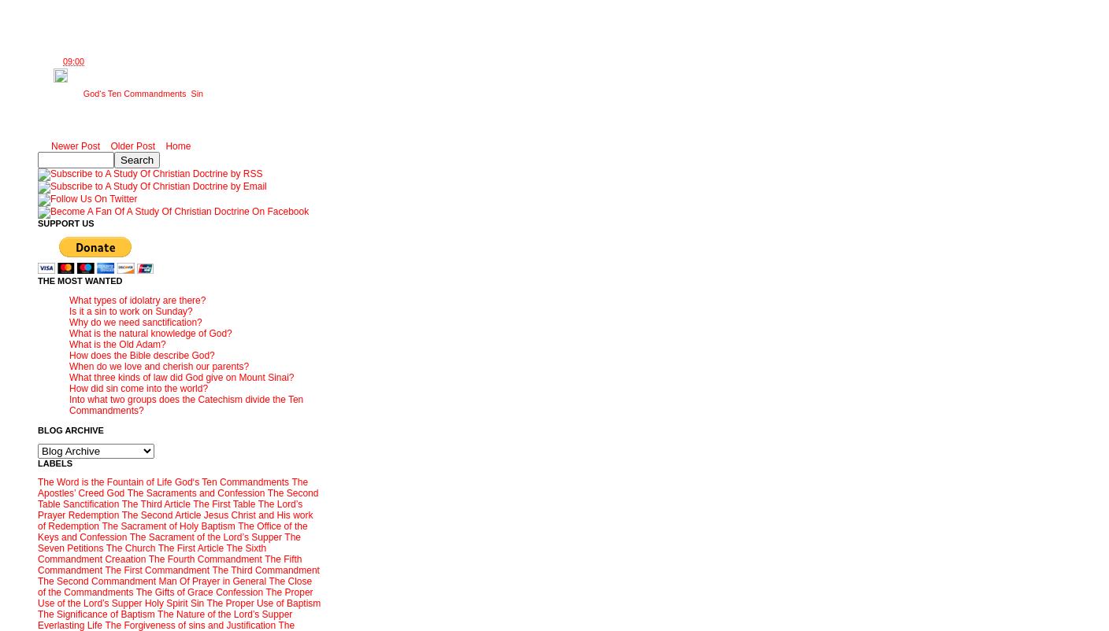 This screenshot has width=1109, height=631. What do you see at coordinates (174, 520) in the screenshot?
I see `'Jesus Christ and His work of Redemption'` at bounding box center [174, 520].